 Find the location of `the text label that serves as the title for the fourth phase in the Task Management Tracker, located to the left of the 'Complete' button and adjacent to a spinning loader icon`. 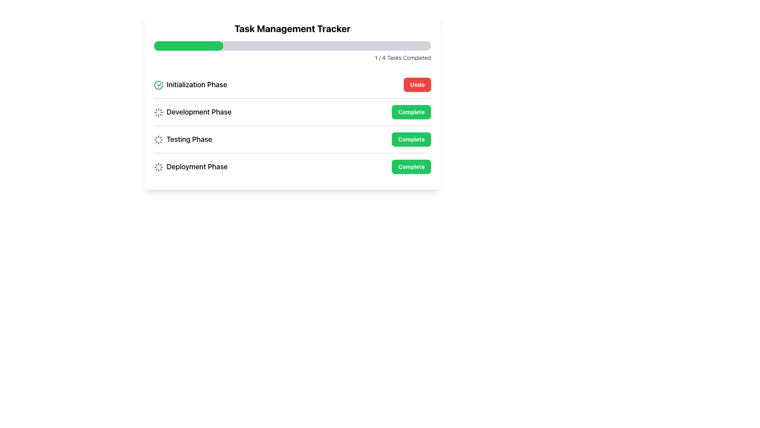

the text label that serves as the title for the fourth phase in the Task Management Tracker, located to the left of the 'Complete' button and adjacent to a spinning loader icon is located at coordinates (191, 166).